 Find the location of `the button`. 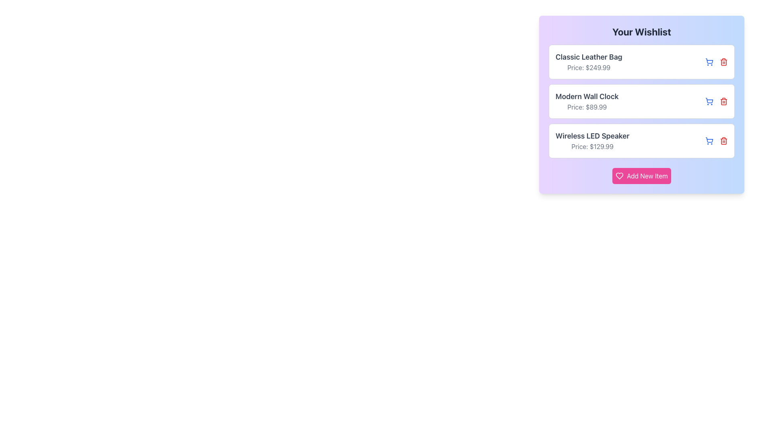

the button is located at coordinates (709, 62).